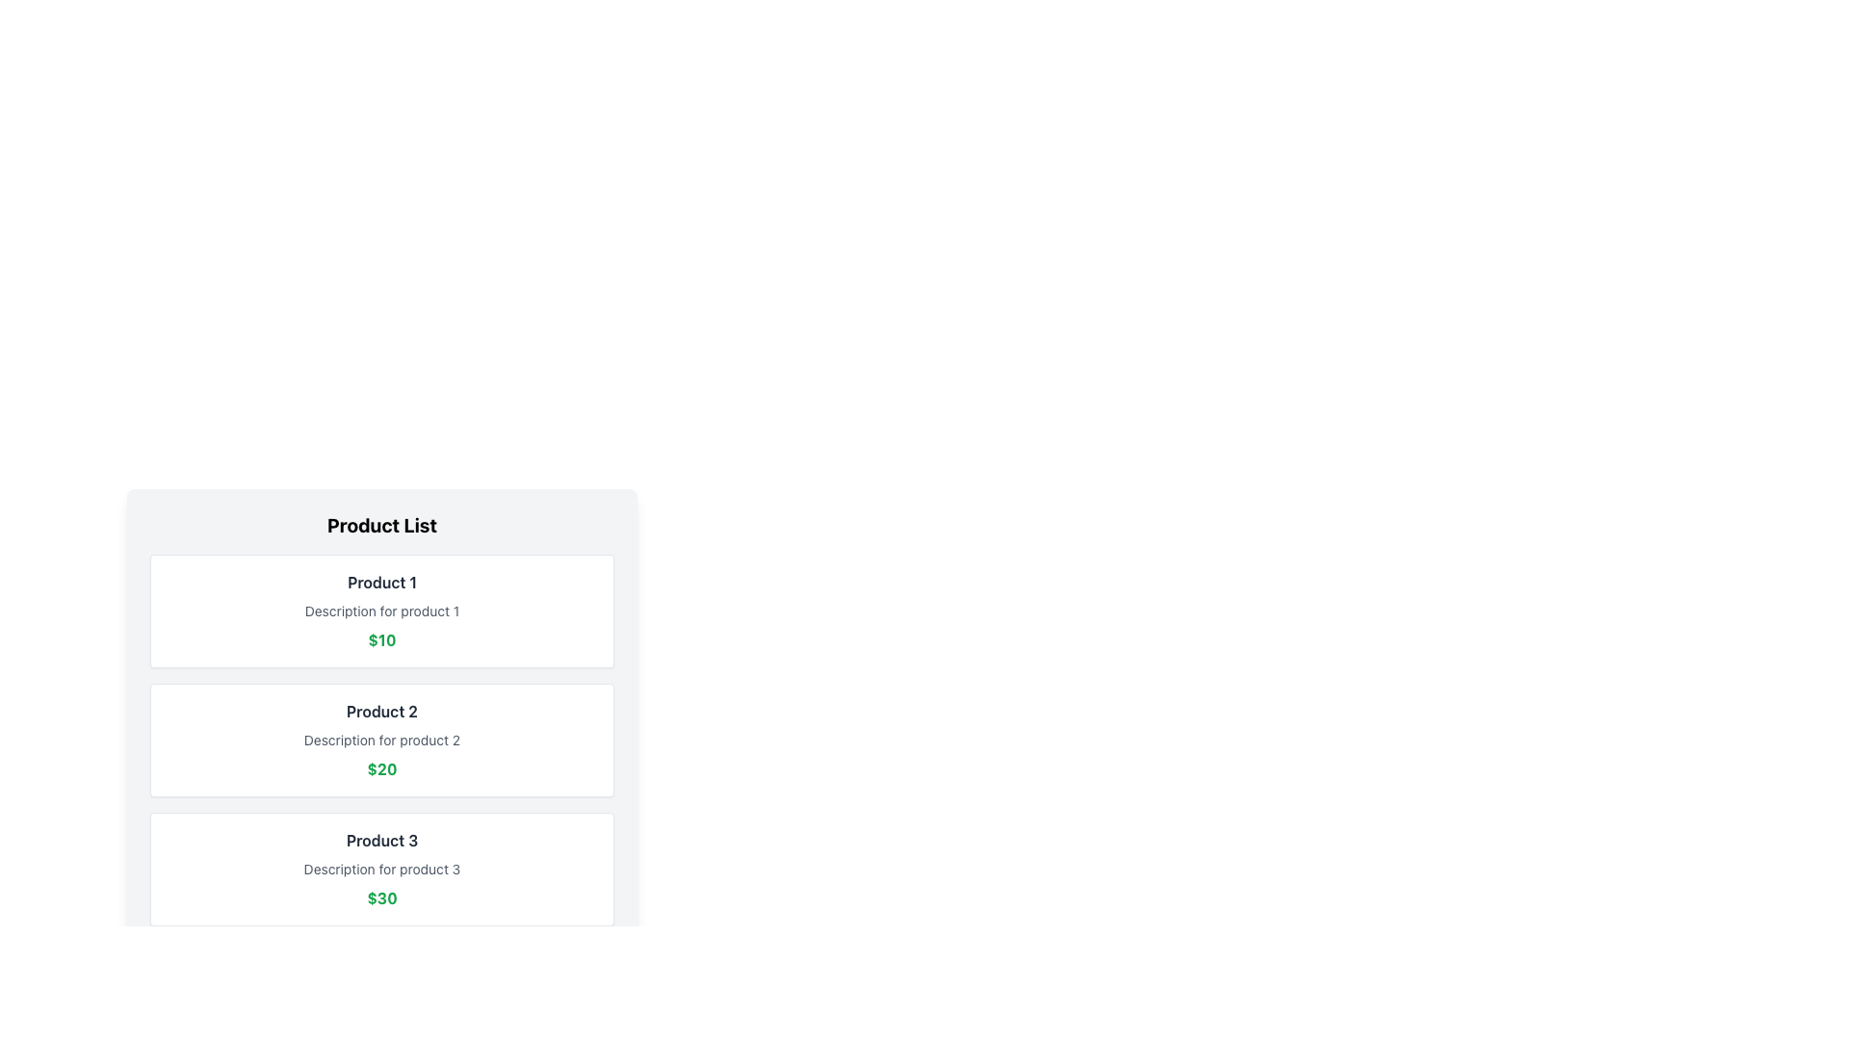  What do you see at coordinates (382, 695) in the screenshot?
I see `product details of the middle item in the 'Product List', which displays the product name, description, and price` at bounding box center [382, 695].